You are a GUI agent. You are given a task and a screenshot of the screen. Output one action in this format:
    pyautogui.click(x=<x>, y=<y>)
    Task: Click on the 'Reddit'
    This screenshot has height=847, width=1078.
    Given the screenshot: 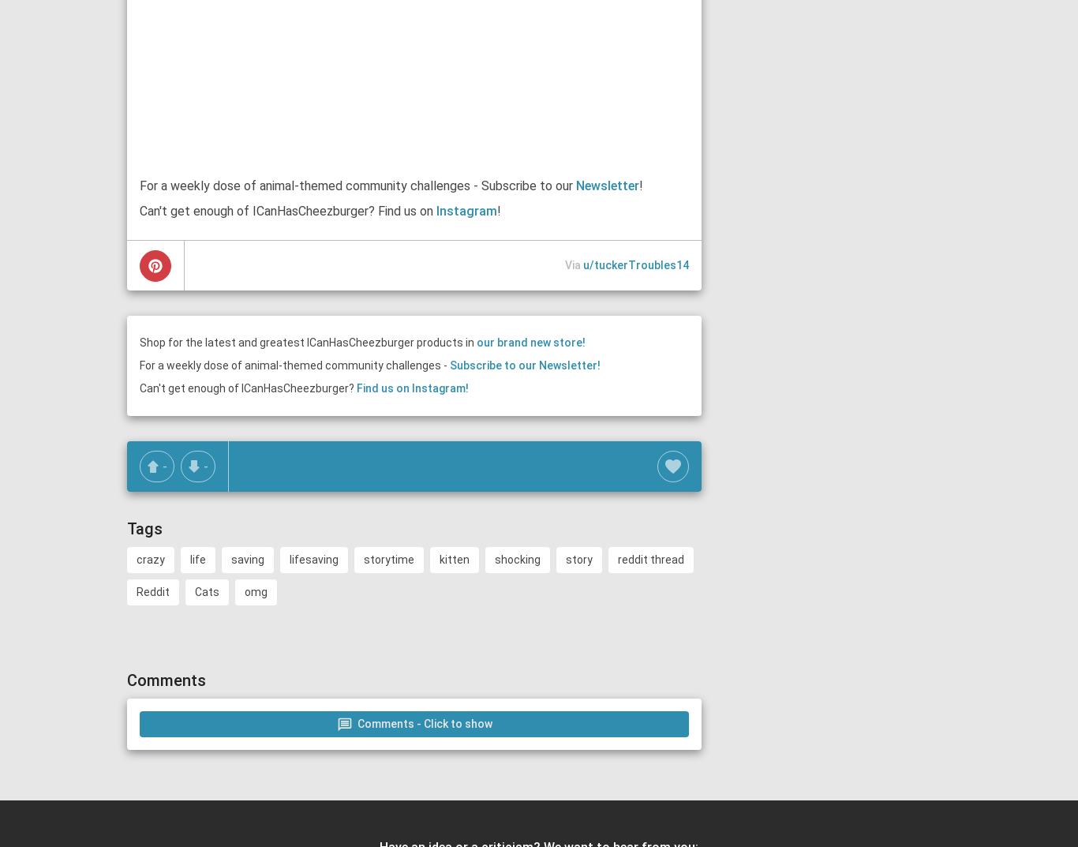 What is the action you would take?
    pyautogui.click(x=152, y=591)
    